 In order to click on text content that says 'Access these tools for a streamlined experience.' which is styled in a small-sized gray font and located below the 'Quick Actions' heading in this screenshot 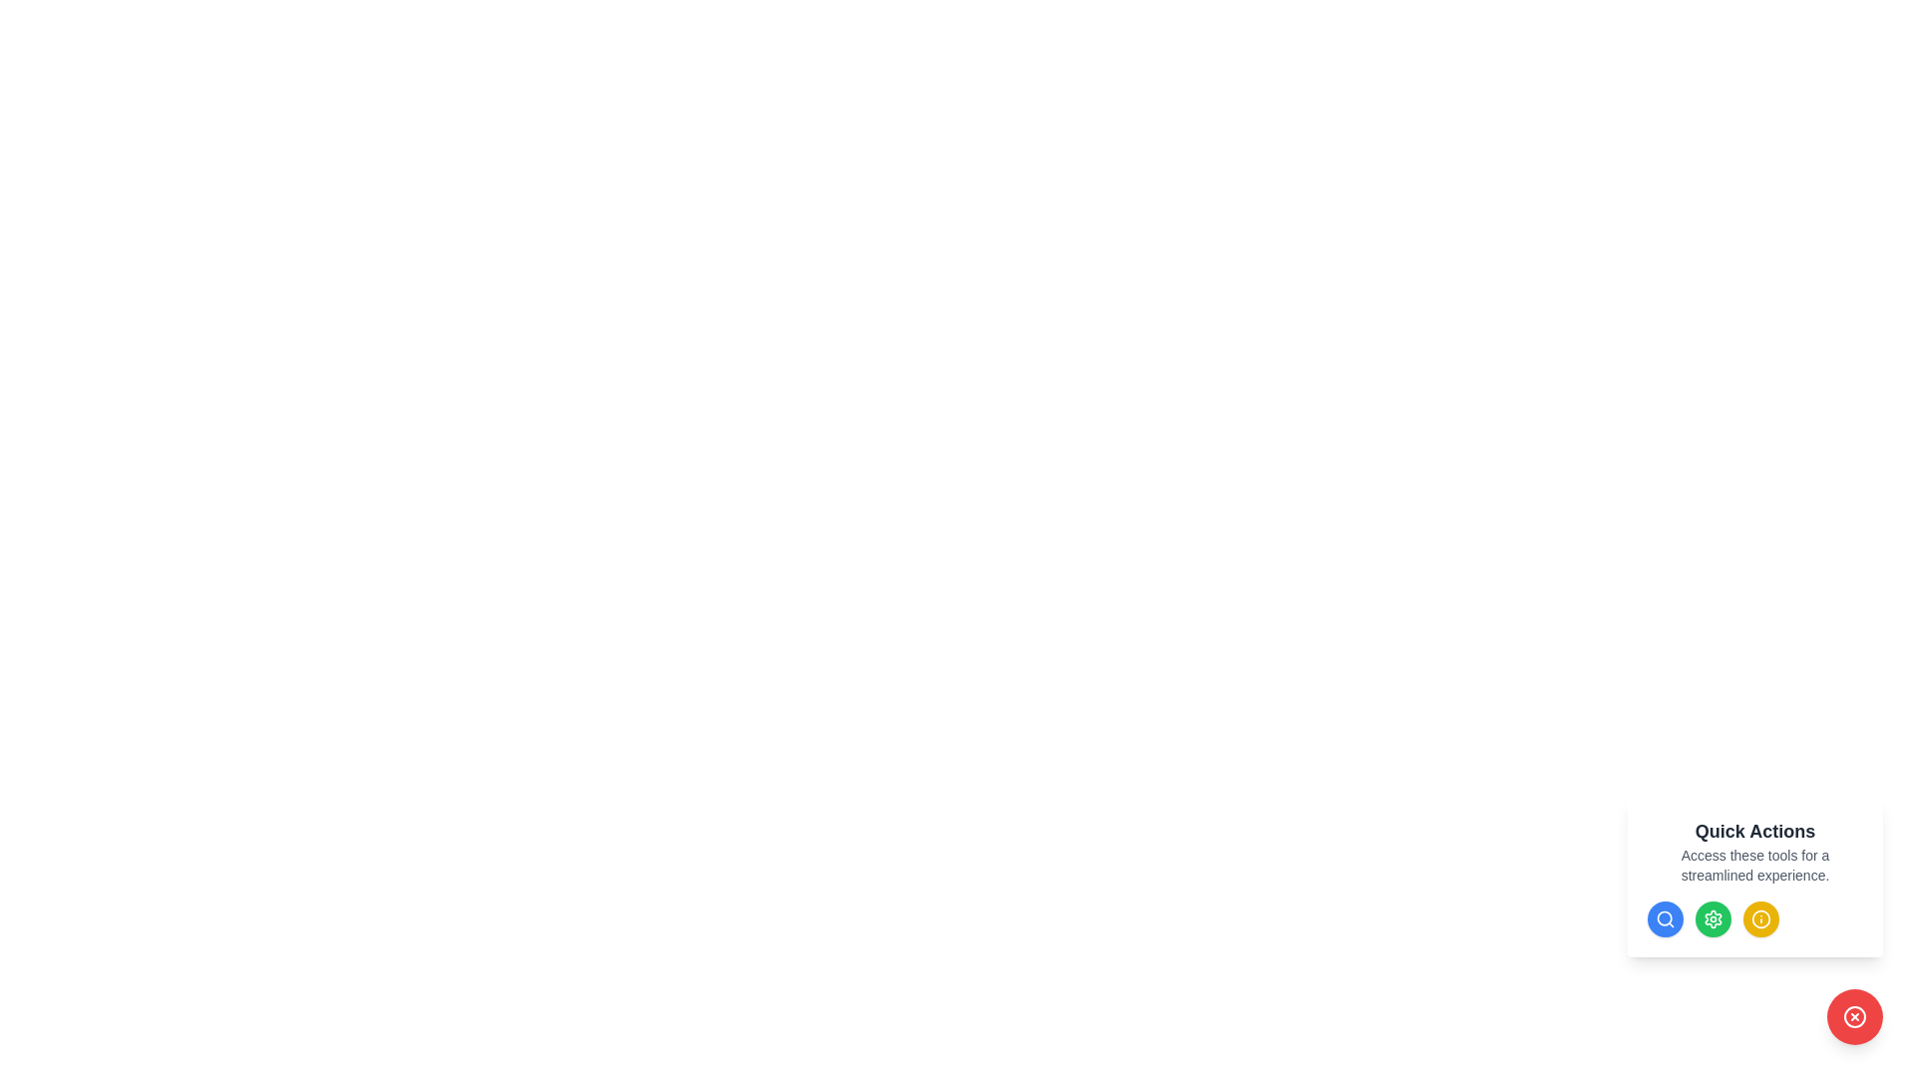, I will do `click(1755, 864)`.